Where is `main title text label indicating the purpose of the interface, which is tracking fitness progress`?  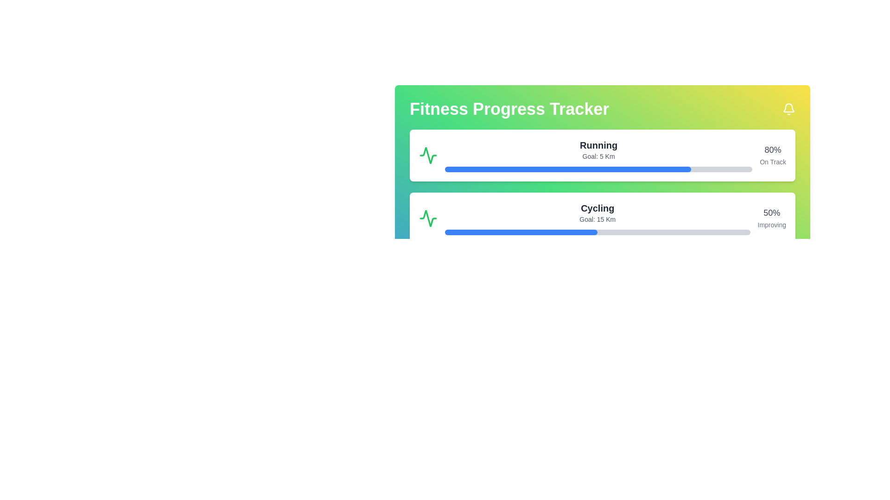 main title text label indicating the purpose of the interface, which is tracking fitness progress is located at coordinates (509, 108).